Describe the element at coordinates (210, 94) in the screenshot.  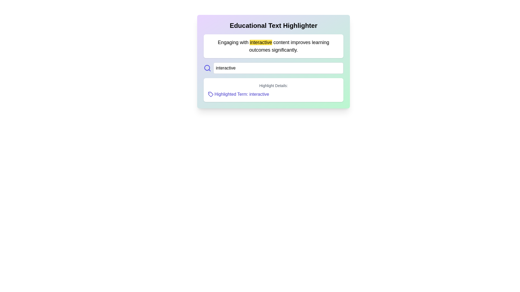
I see `the tagging or highlighting icon located in the 'Highlight Details' section, which is directly to the left of the text 'Highlighted Term: interactive'` at that location.